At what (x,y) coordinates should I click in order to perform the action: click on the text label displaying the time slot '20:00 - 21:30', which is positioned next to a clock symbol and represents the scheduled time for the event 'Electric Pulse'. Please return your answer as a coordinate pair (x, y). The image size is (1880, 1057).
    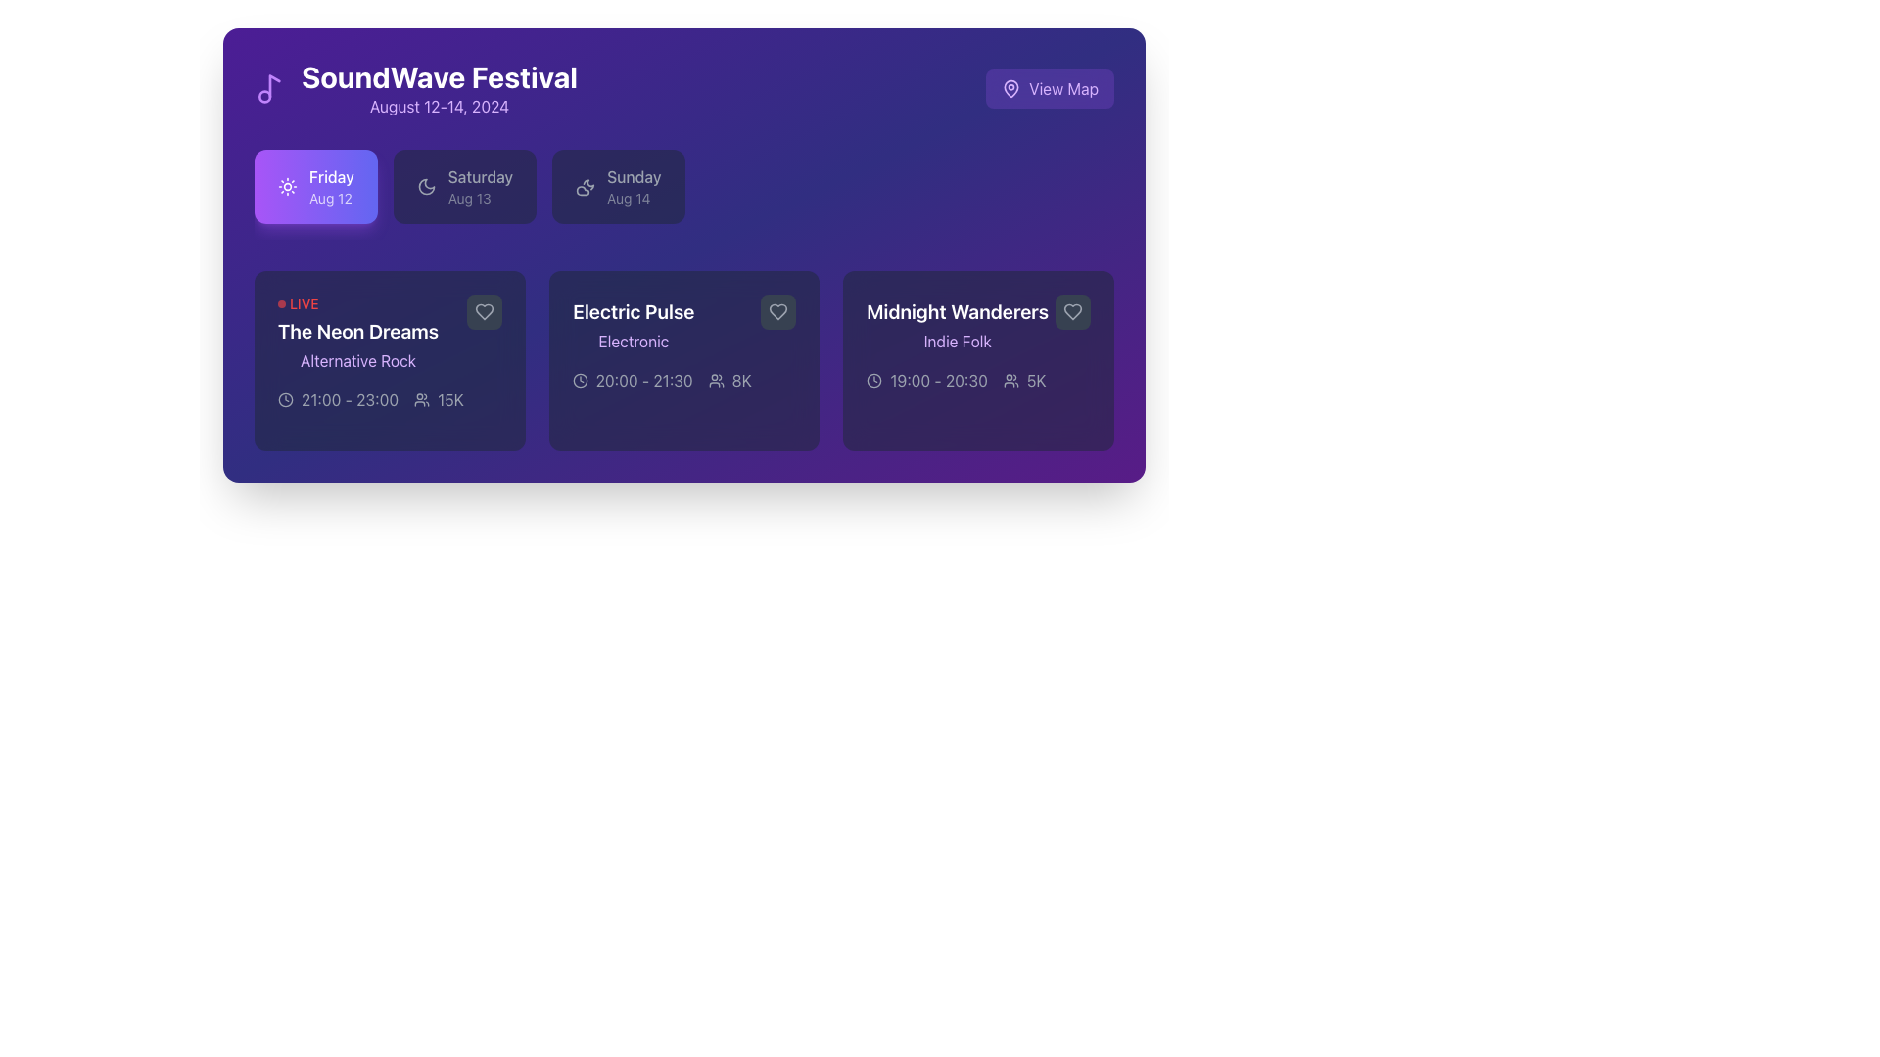
    Looking at the image, I should click on (644, 381).